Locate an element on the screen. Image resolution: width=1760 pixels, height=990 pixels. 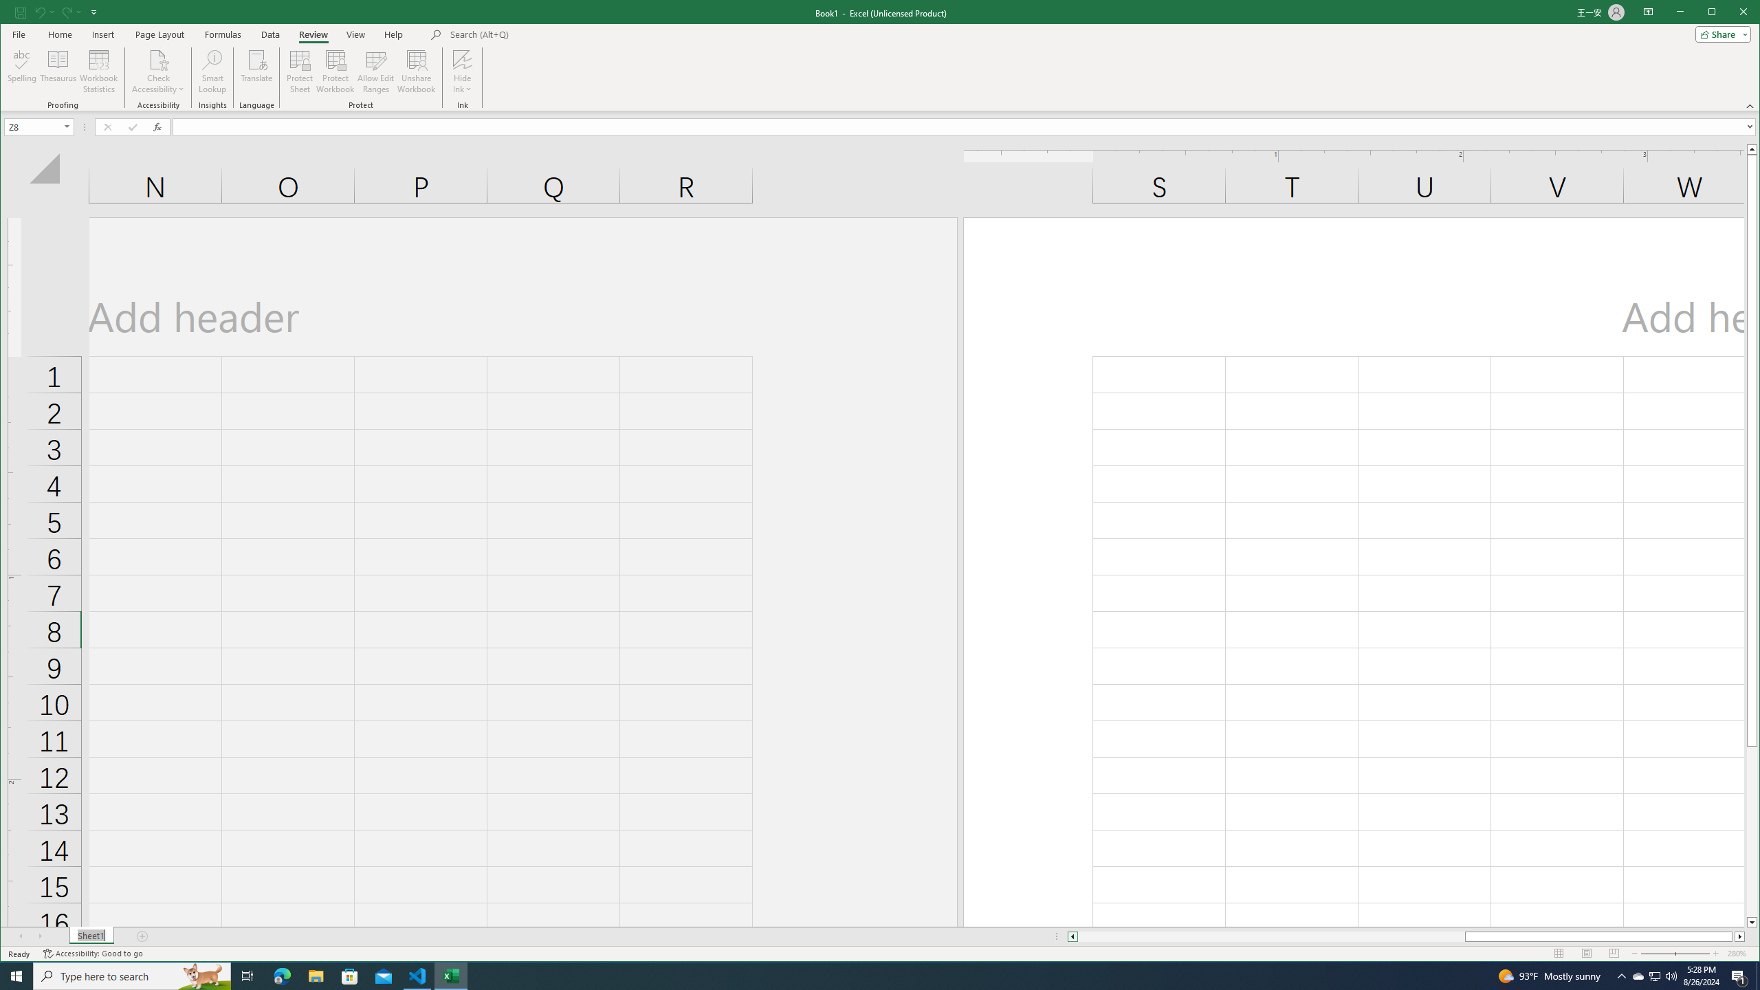
'Type here to search' is located at coordinates (131, 975).